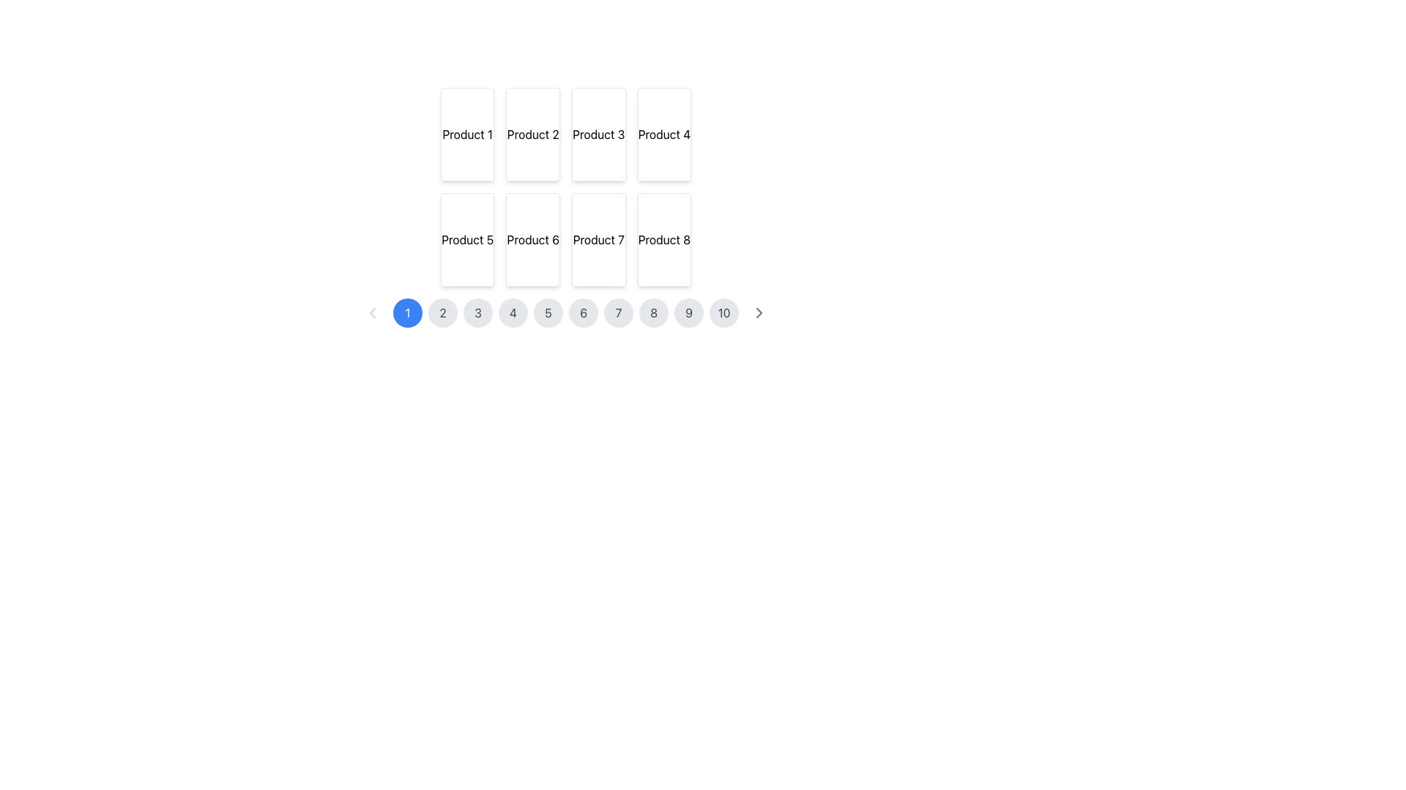 The height and width of the screenshot is (790, 1406). Describe the element at coordinates (565, 312) in the screenshot. I see `the numeric button on the pagination bar` at that location.